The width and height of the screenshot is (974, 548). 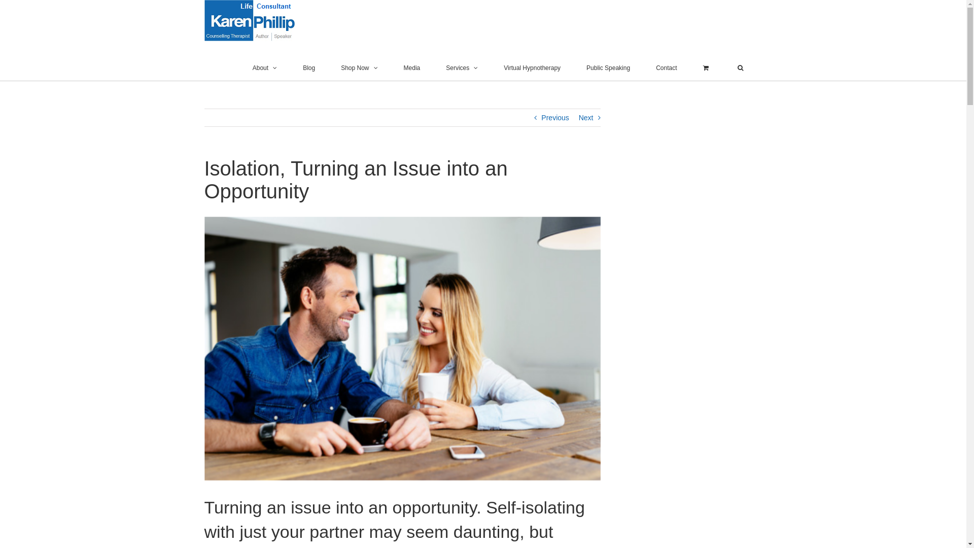 I want to click on 'Media', so click(x=412, y=68).